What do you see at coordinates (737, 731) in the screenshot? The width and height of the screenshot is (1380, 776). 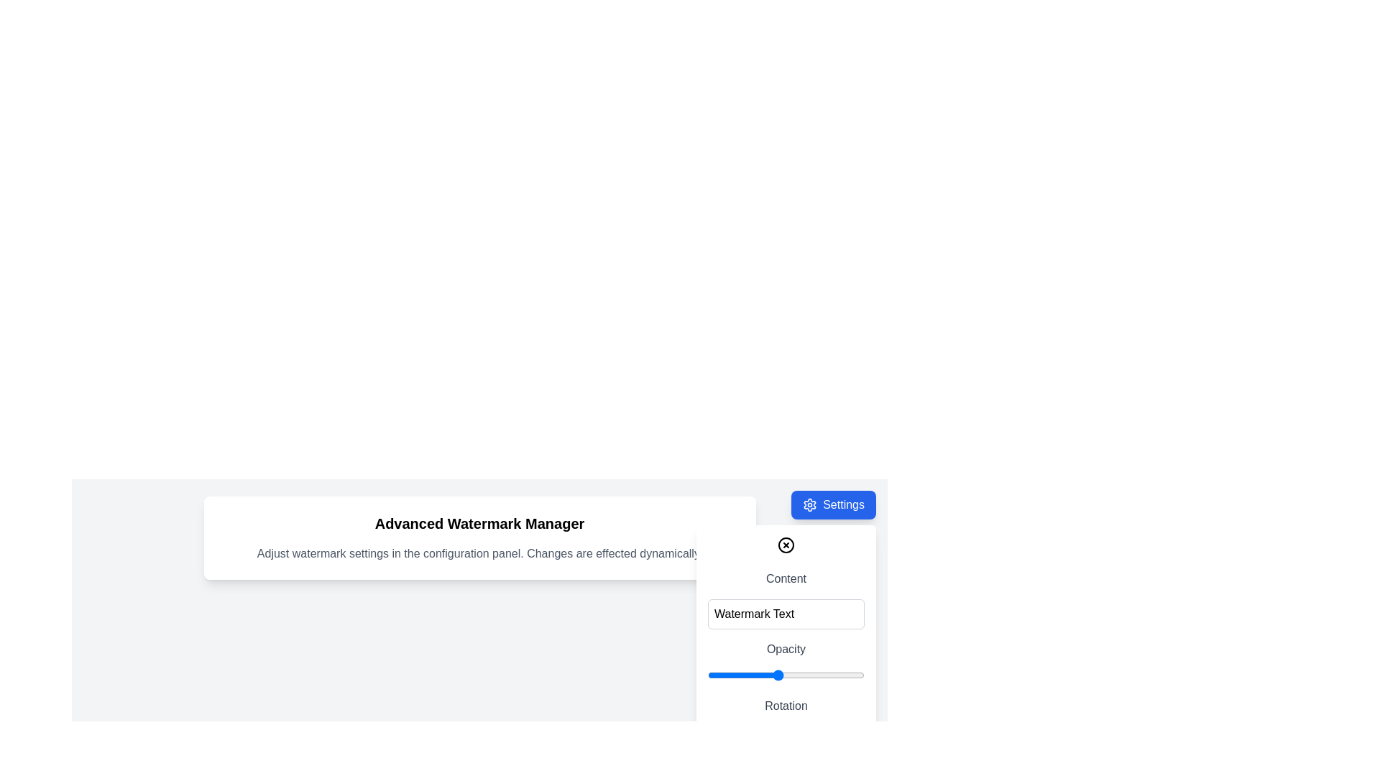 I see `rotation angle` at bounding box center [737, 731].